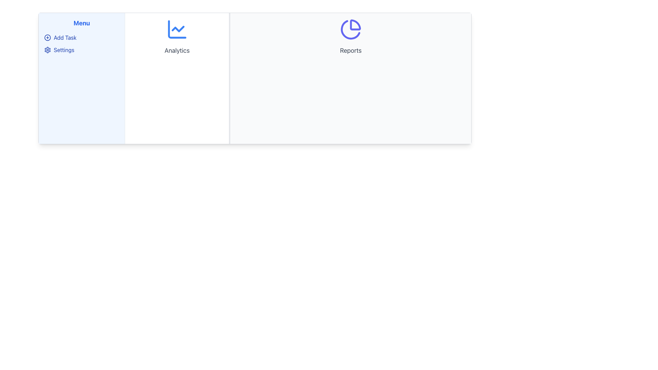  I want to click on the Divider element that visually separates the 'Analytics' section from the 'Reports' section, indicating its capability to resize sections, so click(230, 78).